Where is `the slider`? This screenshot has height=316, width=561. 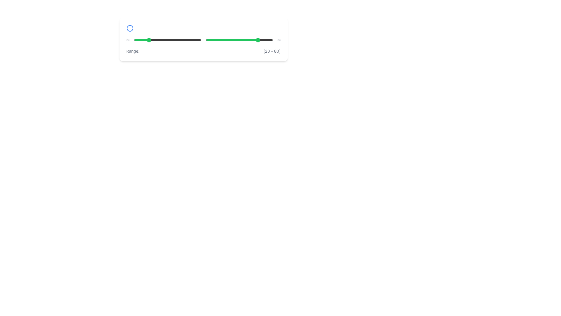 the slider is located at coordinates (191, 40).